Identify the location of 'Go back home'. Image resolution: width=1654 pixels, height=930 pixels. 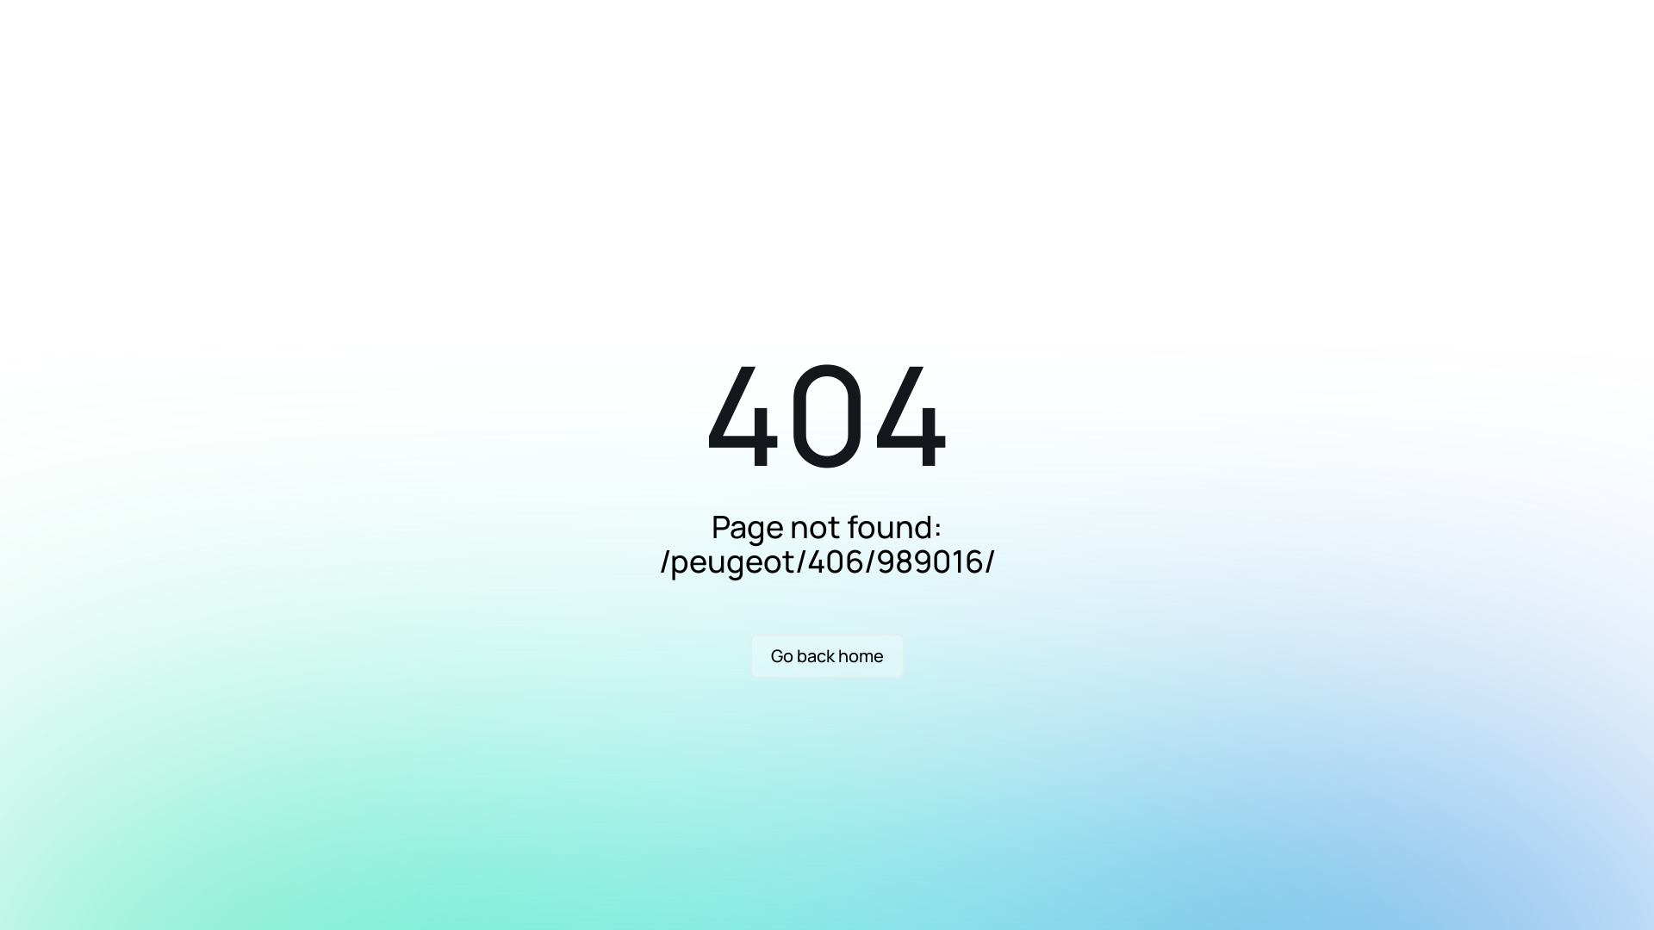
(825, 656).